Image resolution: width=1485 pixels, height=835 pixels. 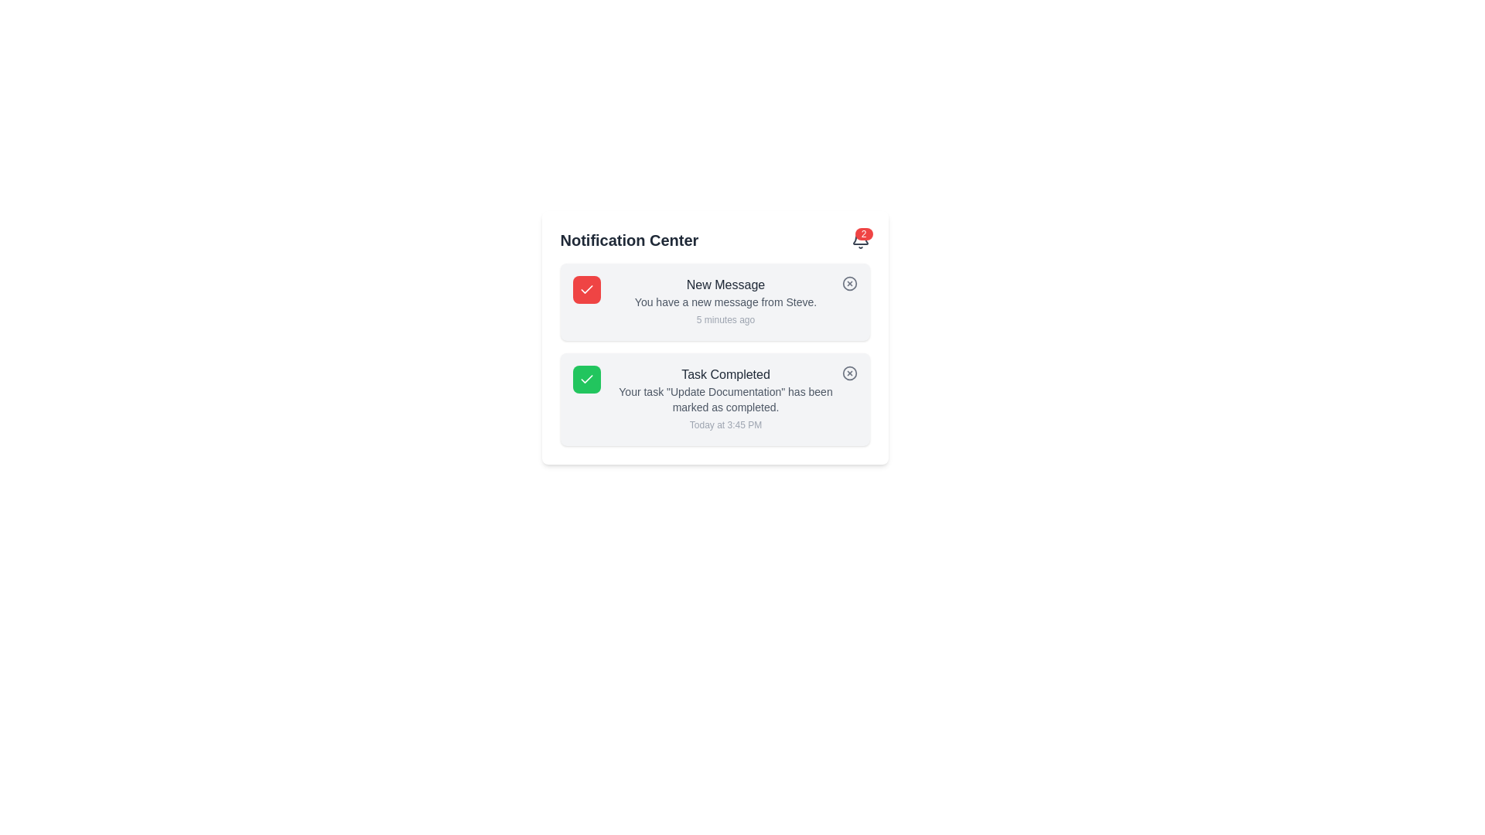 What do you see at coordinates (848, 373) in the screenshot?
I see `the circle element that is part of the second notification entry in the Notification Center, which features a green check icon and text about a completed task` at bounding box center [848, 373].